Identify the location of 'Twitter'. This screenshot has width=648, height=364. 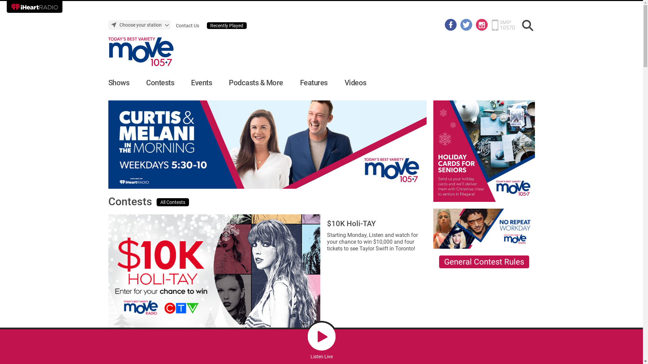
(460, 24).